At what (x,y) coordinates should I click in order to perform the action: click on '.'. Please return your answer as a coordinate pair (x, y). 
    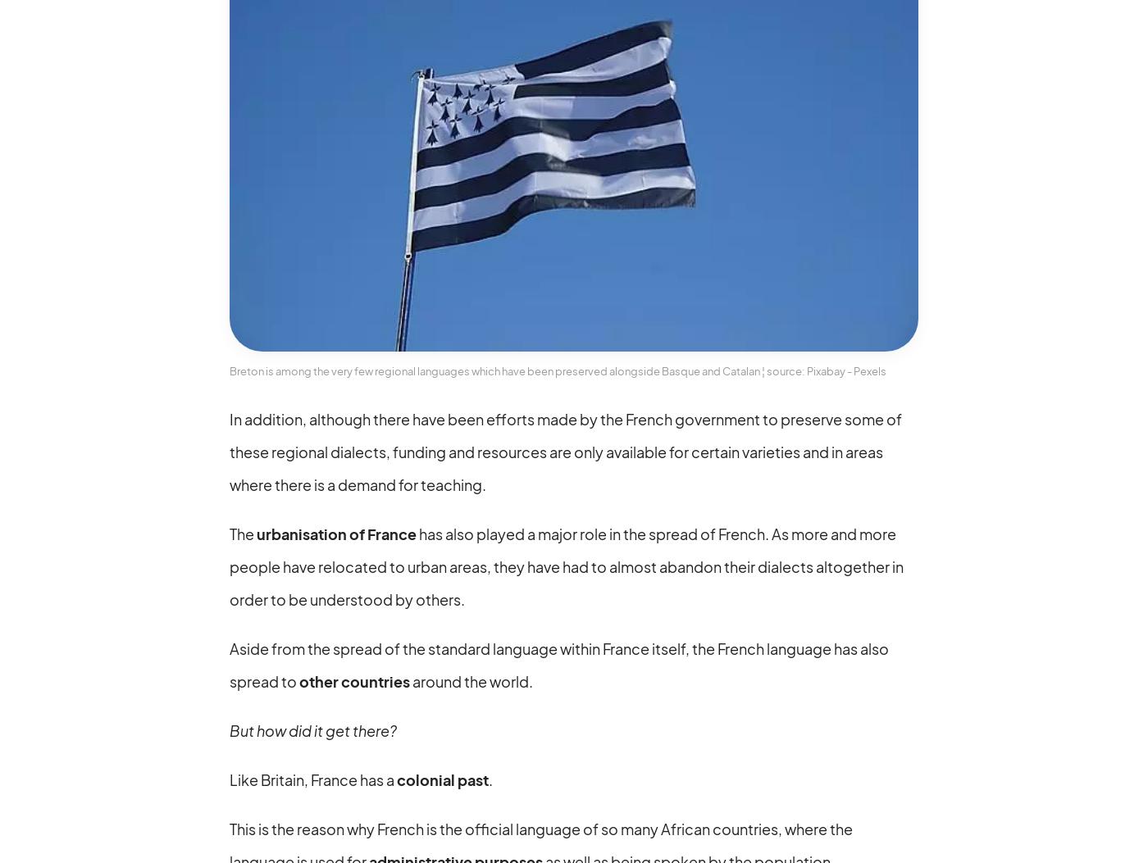
    Looking at the image, I should click on (490, 778).